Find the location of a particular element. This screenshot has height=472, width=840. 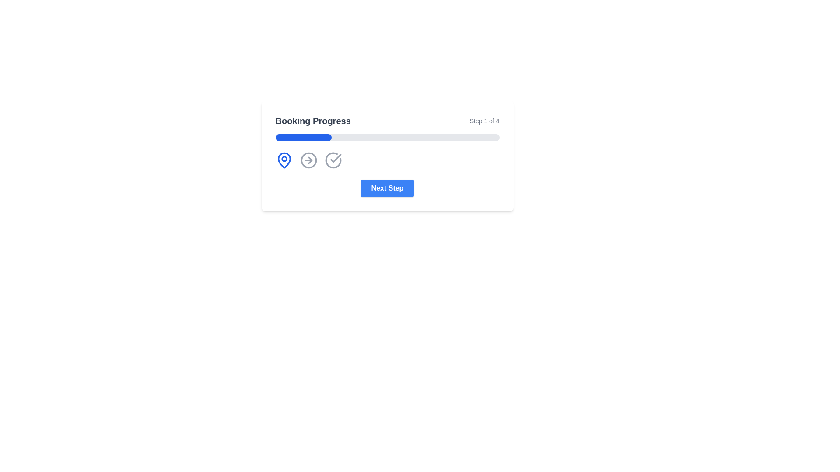

the icons in the Card component of the booking system is located at coordinates (387, 156).